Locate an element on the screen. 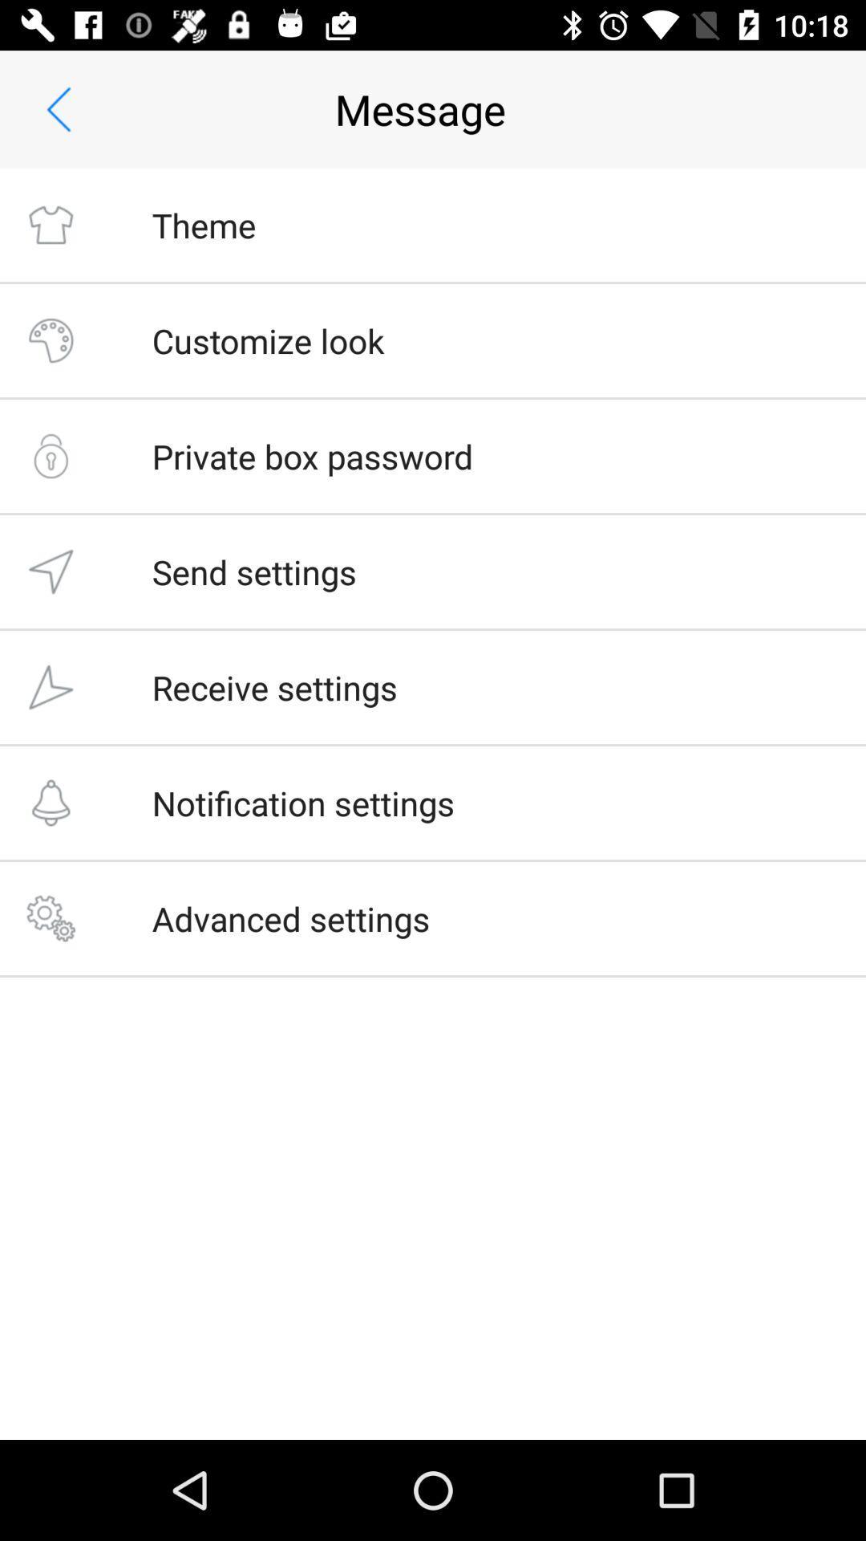  the send settings icon is located at coordinates (253, 571).